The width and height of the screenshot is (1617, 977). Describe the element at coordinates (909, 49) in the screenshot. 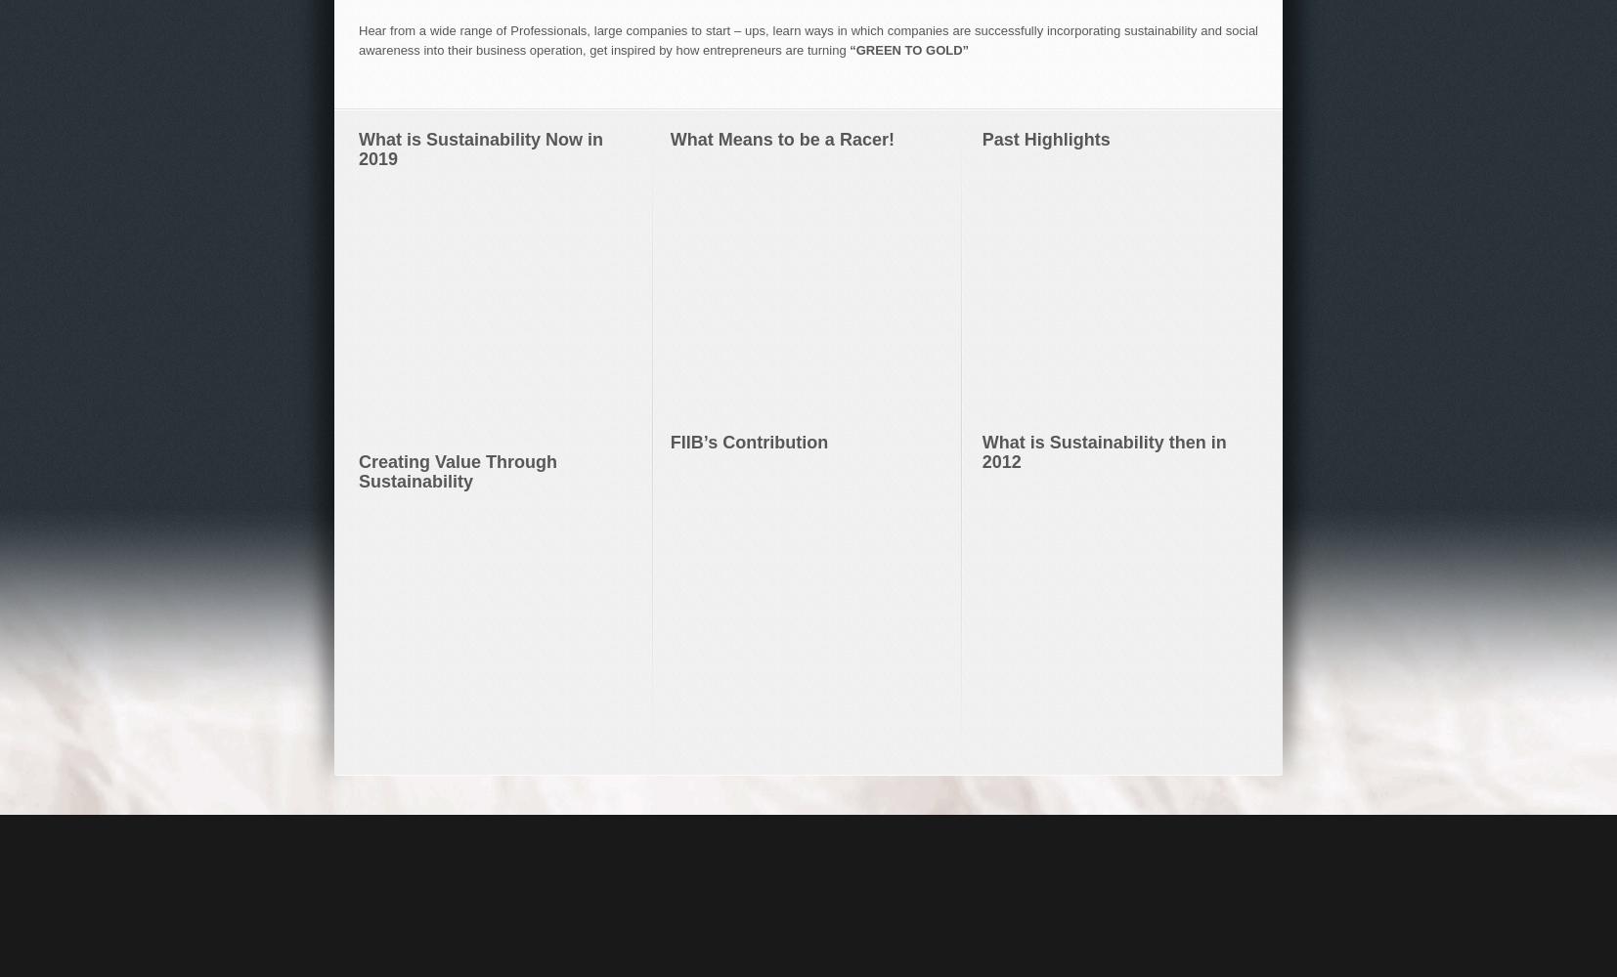

I see `'“GREEN TO GOLD”'` at that location.